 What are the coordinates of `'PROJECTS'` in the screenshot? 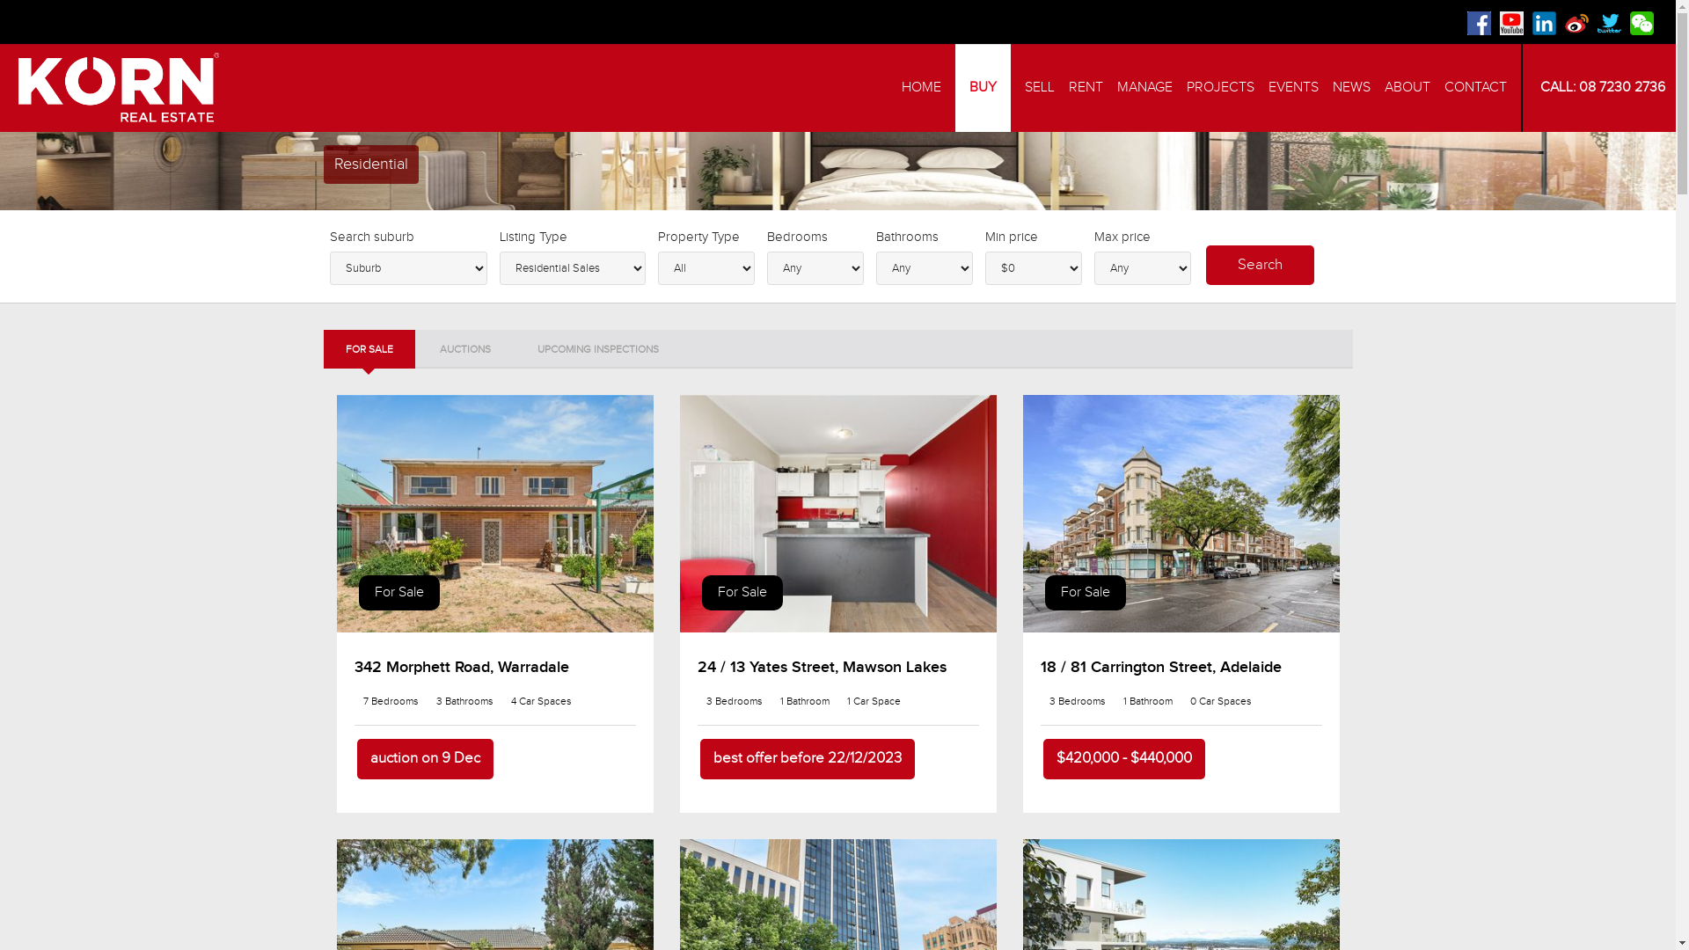 It's located at (1219, 88).